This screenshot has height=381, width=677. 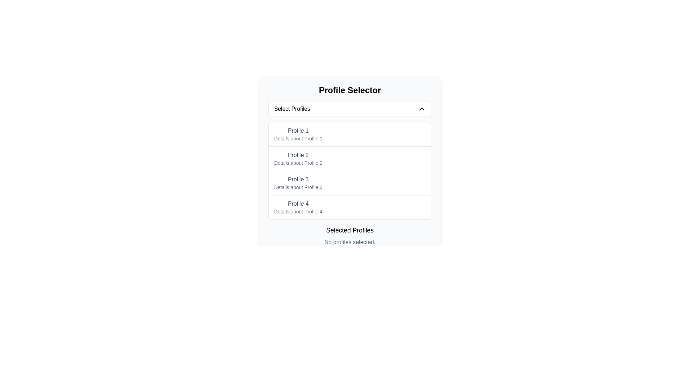 I want to click on the first selectable profile option, 'Profile 1', within the 'Select Profiles' dropdown, so click(x=298, y=134).